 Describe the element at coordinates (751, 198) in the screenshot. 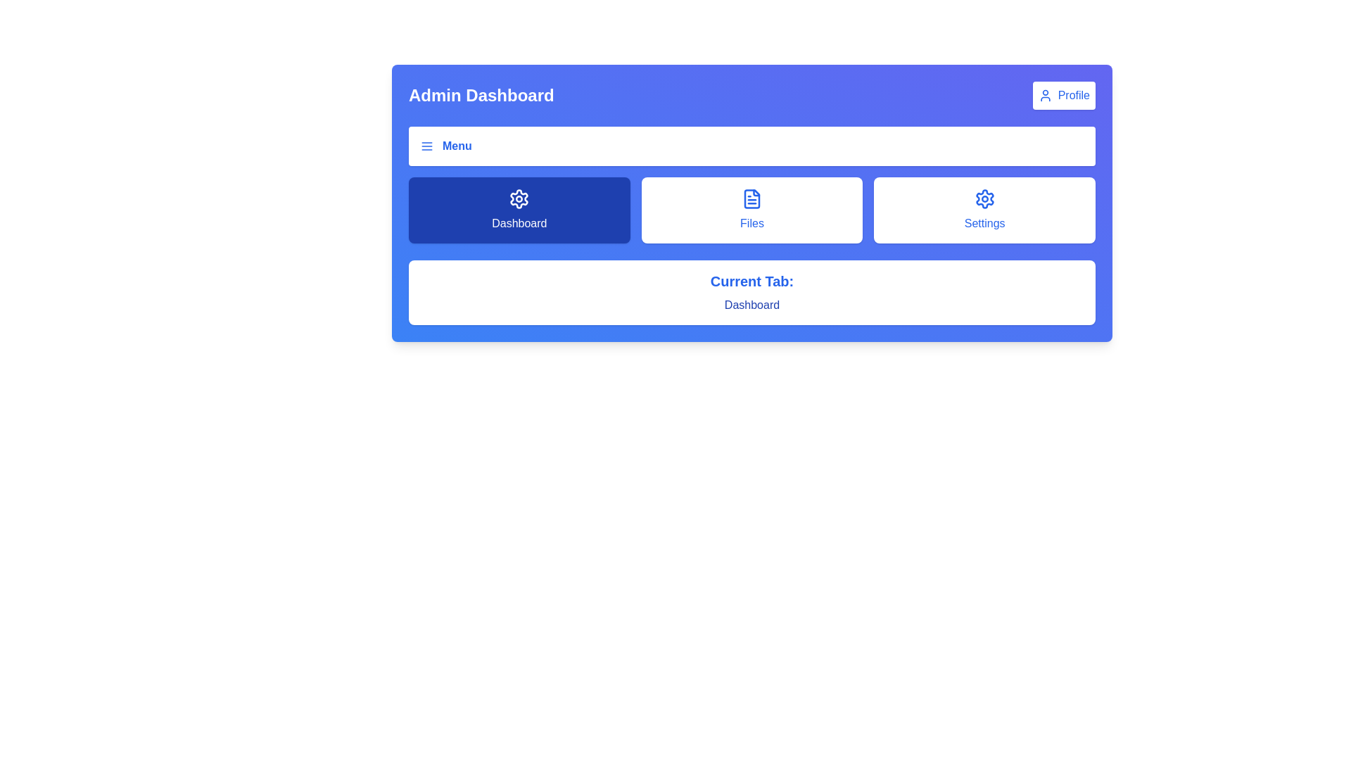

I see `the blue file icon with text lines located in the second button of three in the toolbar below the 'Files' label` at that location.